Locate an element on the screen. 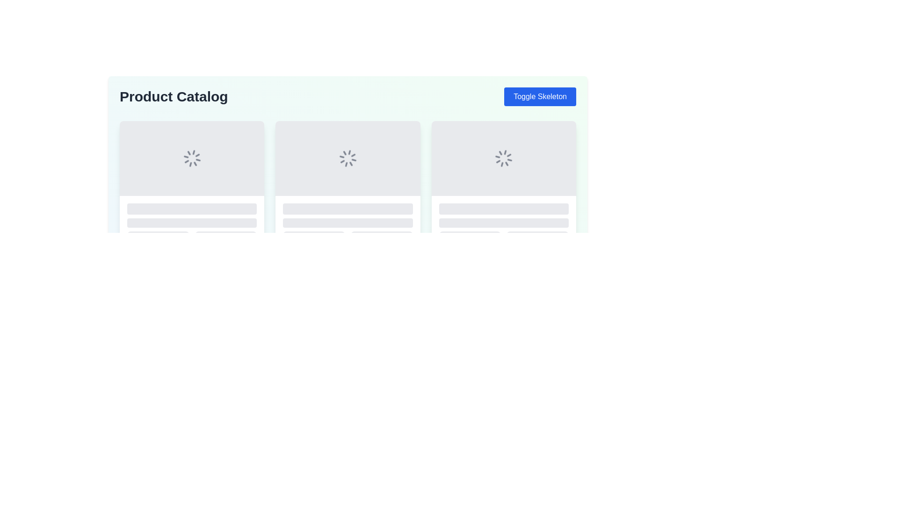 The width and height of the screenshot is (898, 505). the loading indicator located at the bottom of the leftmost card in a horizontal list of cards, which serves as a visual placeholder indicating loading or unavailable content is located at coordinates (158, 234).